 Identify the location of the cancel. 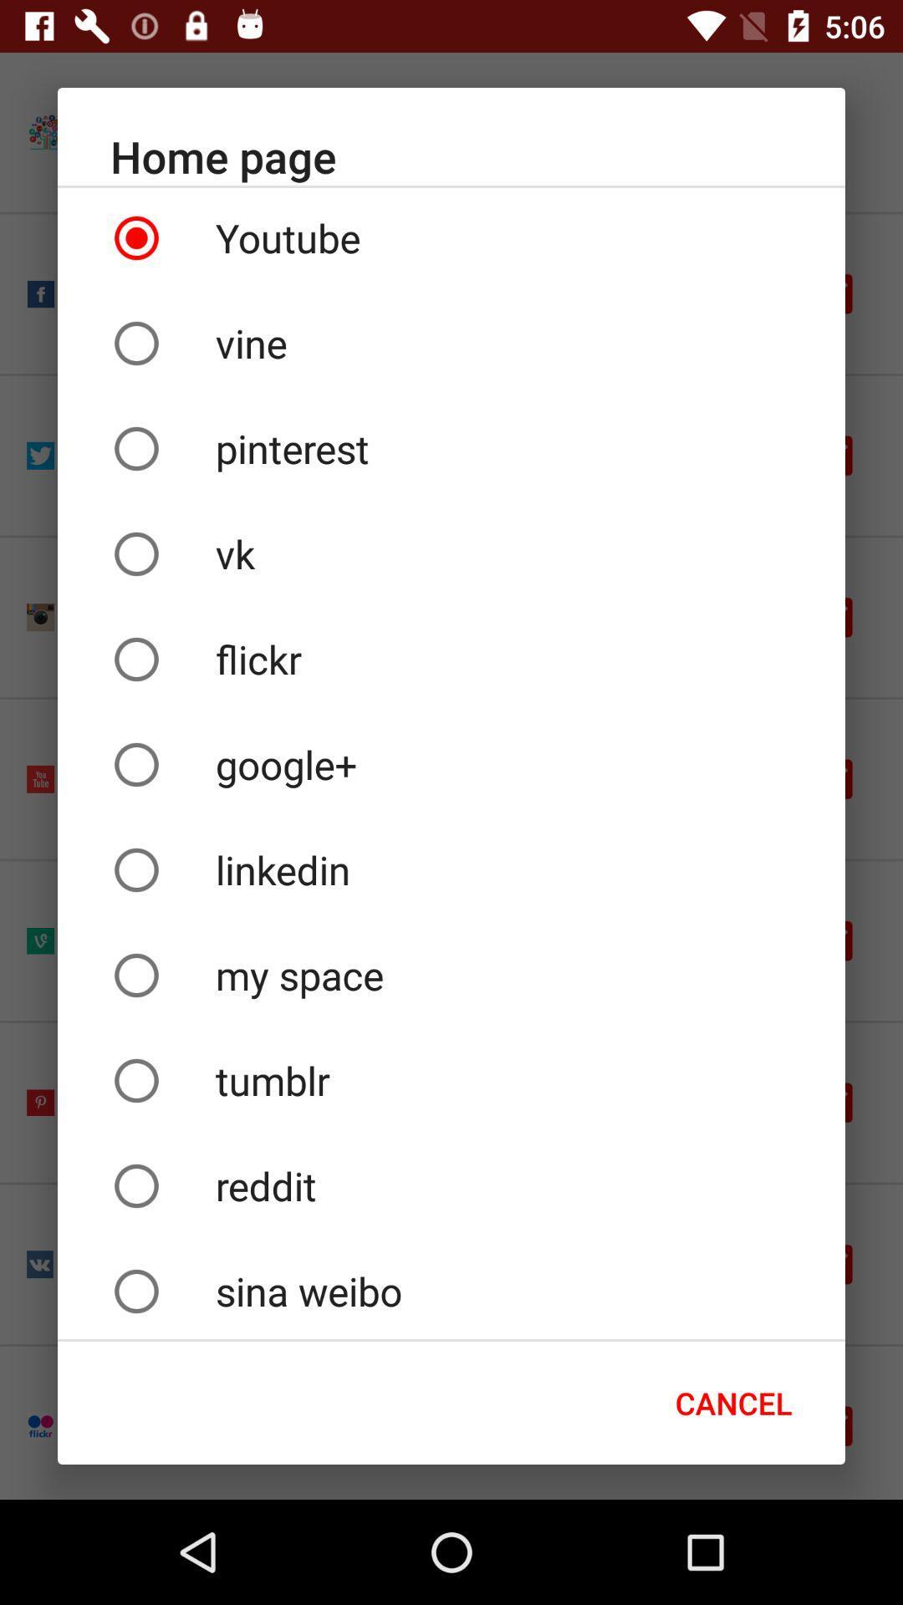
(732, 1403).